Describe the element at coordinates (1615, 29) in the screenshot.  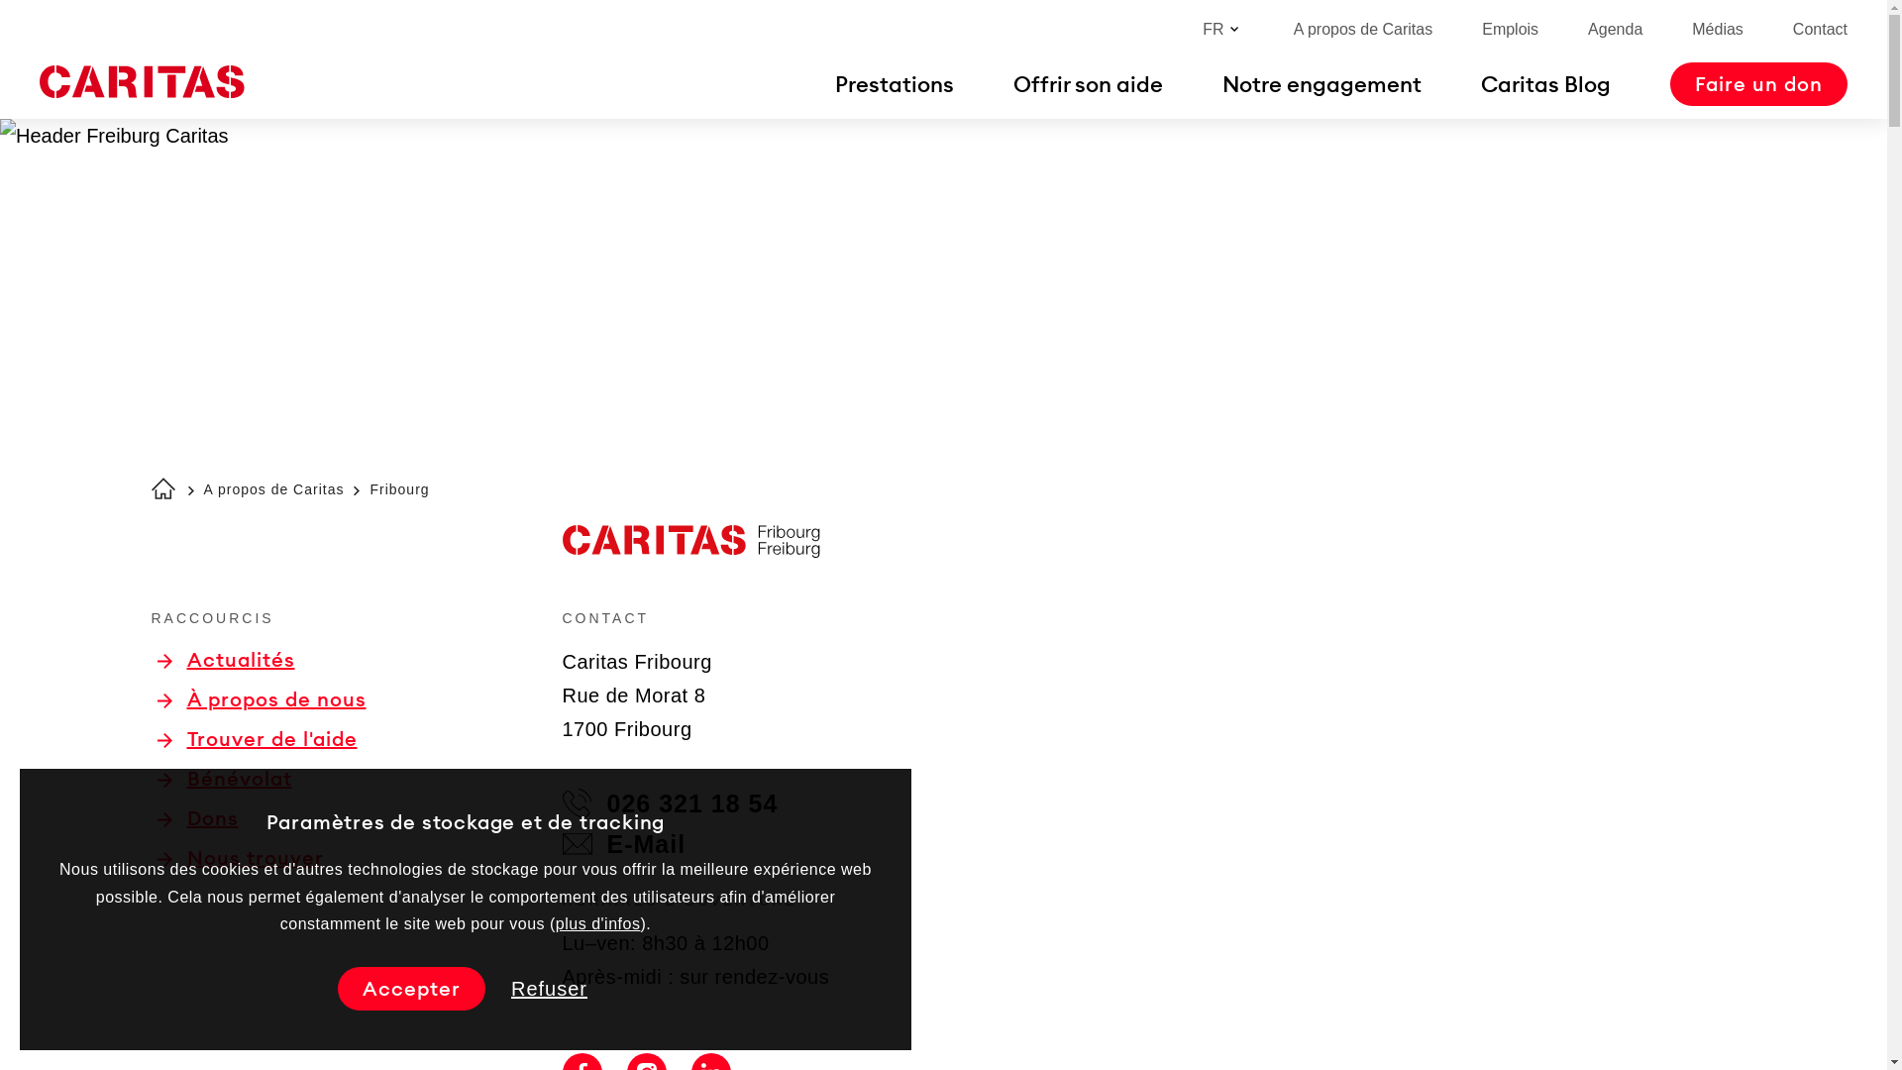
I see `'Agenda'` at that location.